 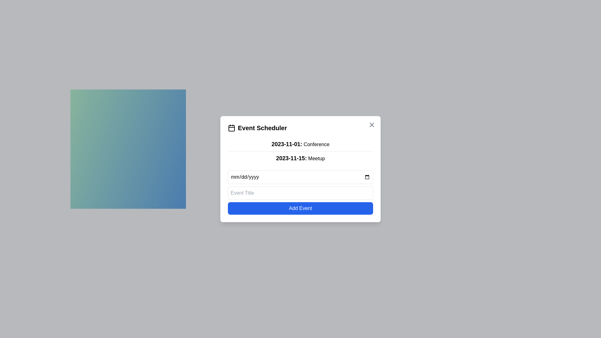 I want to click on the text display element that informs users about the event titled 'Conference' scheduled for November 1st, 2023, located in the modal 'Event Scheduler.', so click(x=300, y=144).